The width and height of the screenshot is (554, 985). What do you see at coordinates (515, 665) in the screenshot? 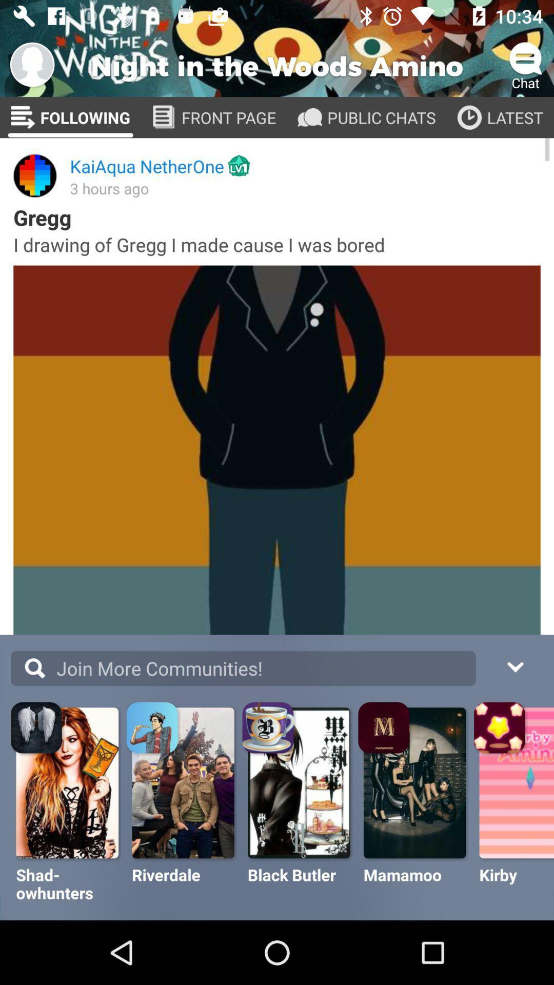
I see `the expand_more icon` at bounding box center [515, 665].